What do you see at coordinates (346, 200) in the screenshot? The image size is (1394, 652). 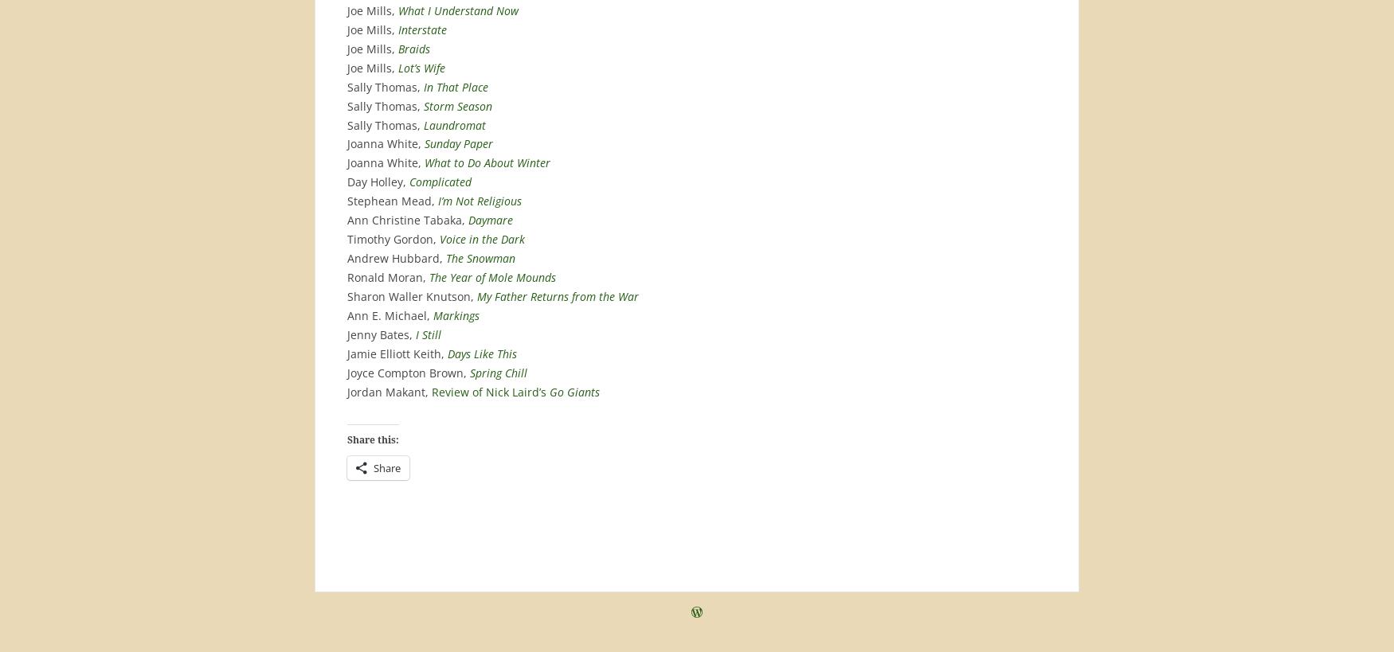 I see `'Stephean Mead,'` at bounding box center [346, 200].